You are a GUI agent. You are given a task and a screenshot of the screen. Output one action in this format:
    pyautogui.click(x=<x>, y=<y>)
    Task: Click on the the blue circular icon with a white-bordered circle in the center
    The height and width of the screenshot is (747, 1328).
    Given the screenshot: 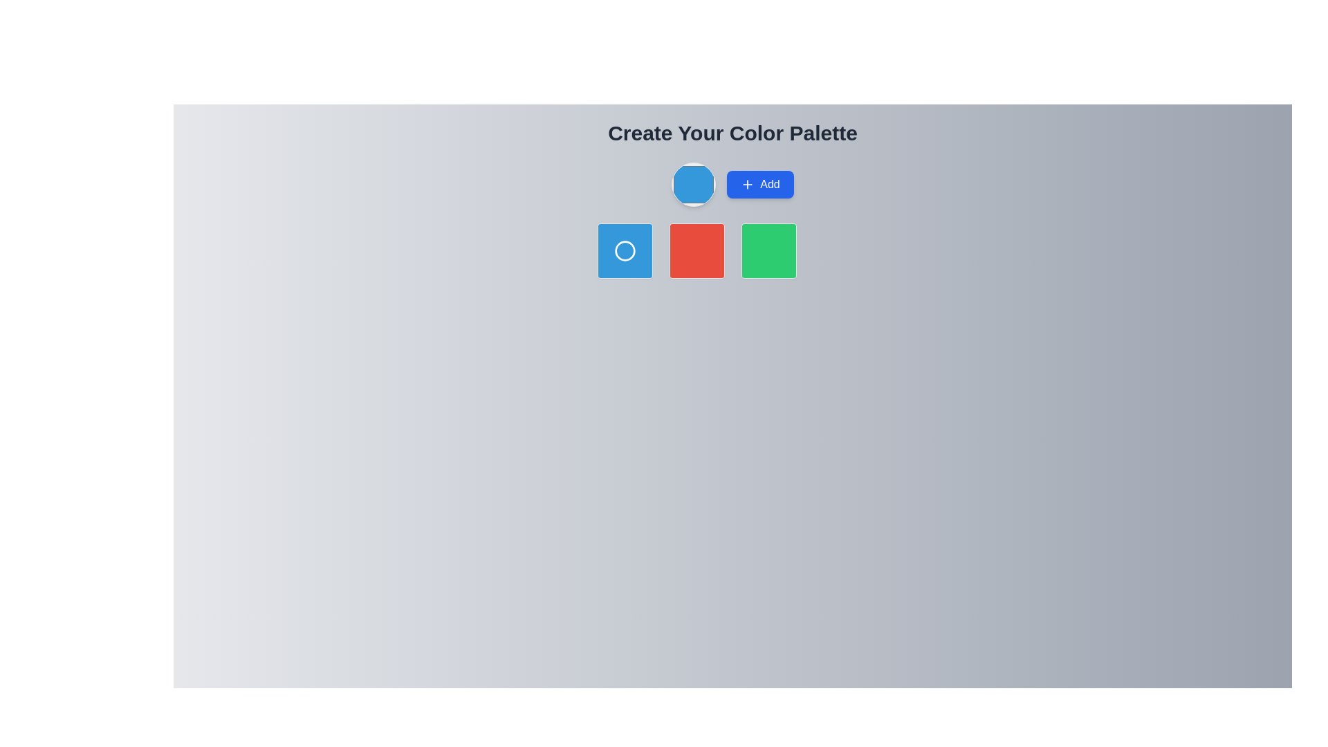 What is the action you would take?
    pyautogui.click(x=624, y=250)
    